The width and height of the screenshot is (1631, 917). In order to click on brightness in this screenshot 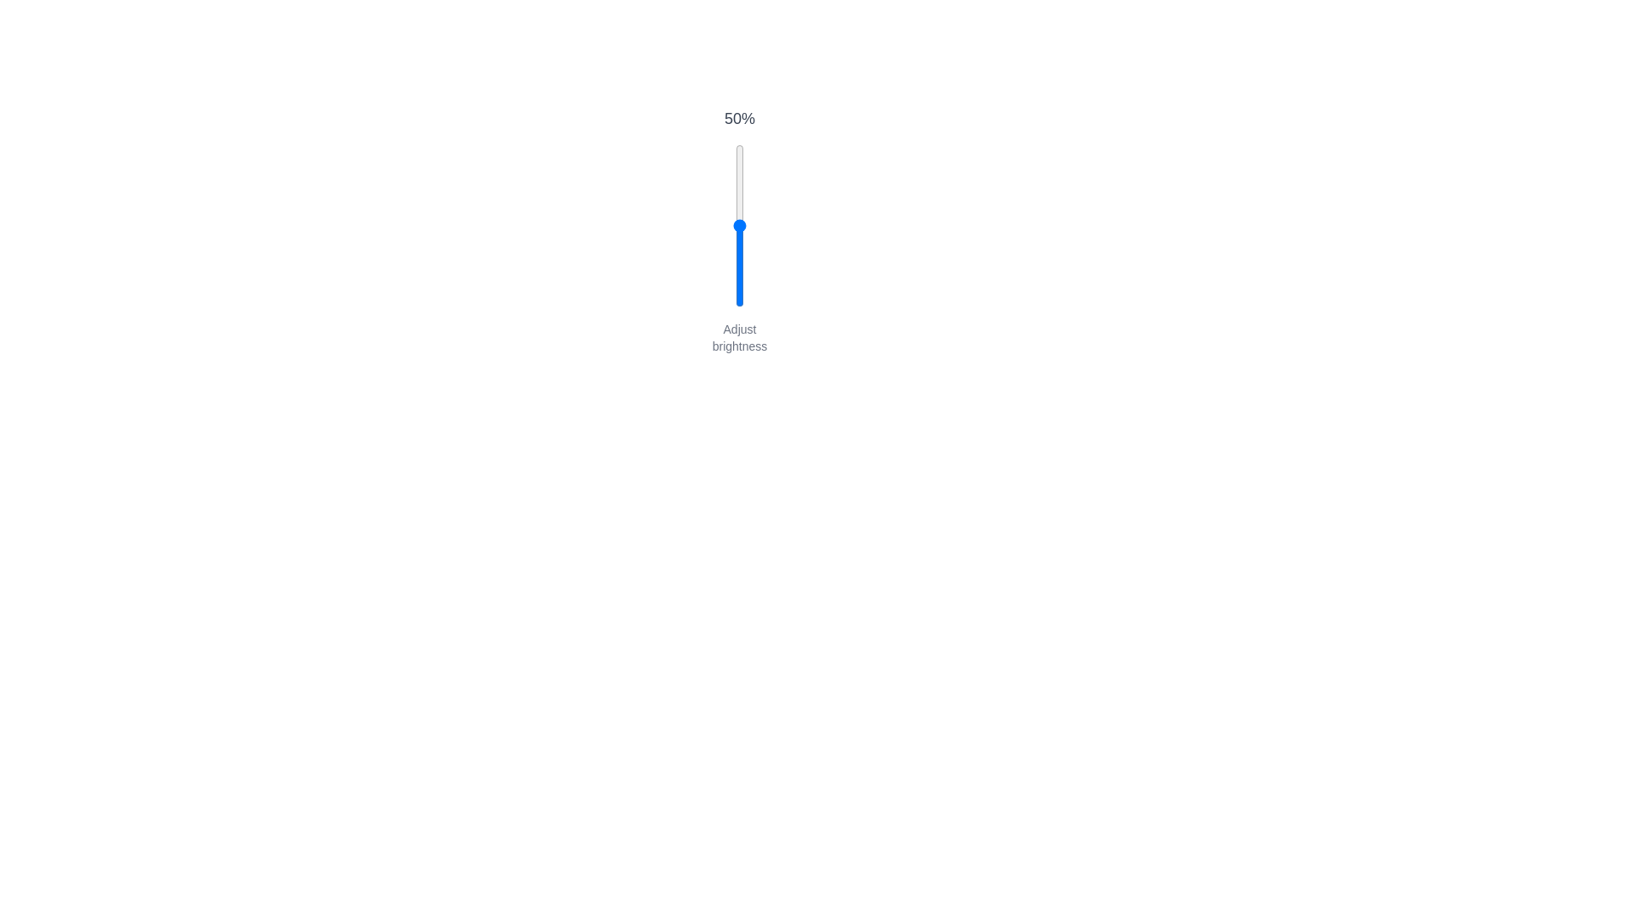, I will do `click(739, 304)`.